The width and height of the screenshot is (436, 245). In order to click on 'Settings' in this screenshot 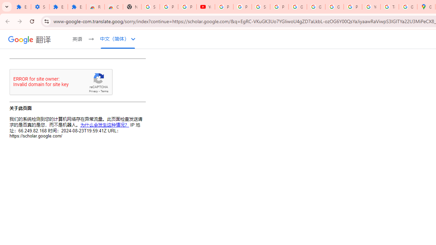, I will do `click(40, 7)`.